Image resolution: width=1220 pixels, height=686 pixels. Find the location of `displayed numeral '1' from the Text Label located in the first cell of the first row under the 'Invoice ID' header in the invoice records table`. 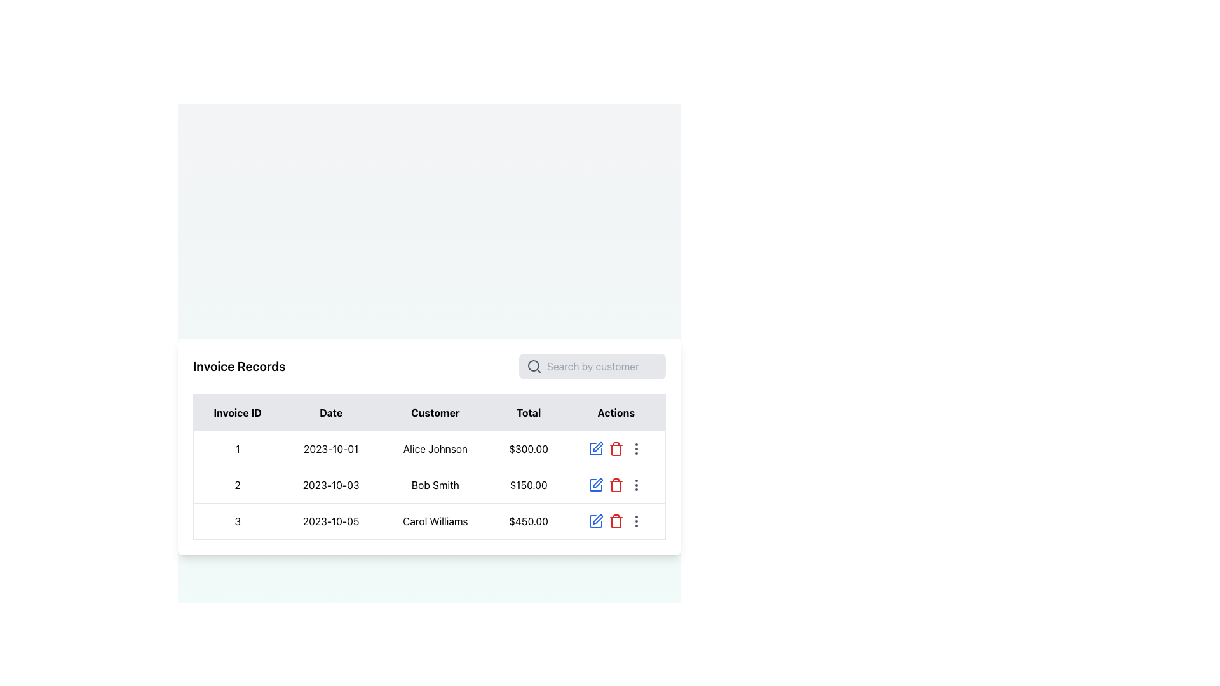

displayed numeral '1' from the Text Label located in the first cell of the first row under the 'Invoice ID' header in the invoice records table is located at coordinates (238, 448).